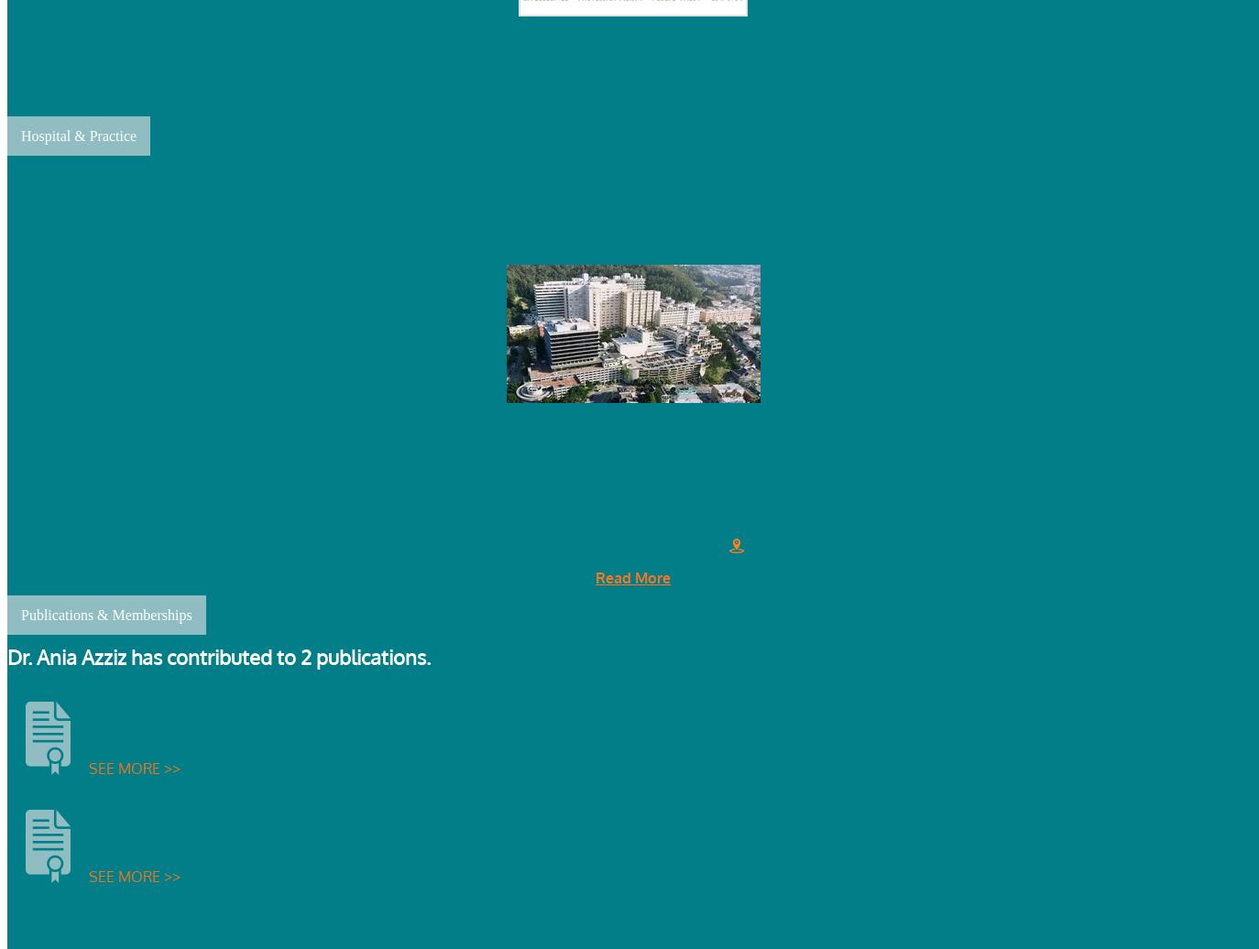 This screenshot has width=1259, height=949. Describe the element at coordinates (78, 135) in the screenshot. I see `'Hospital & Practice'` at that location.